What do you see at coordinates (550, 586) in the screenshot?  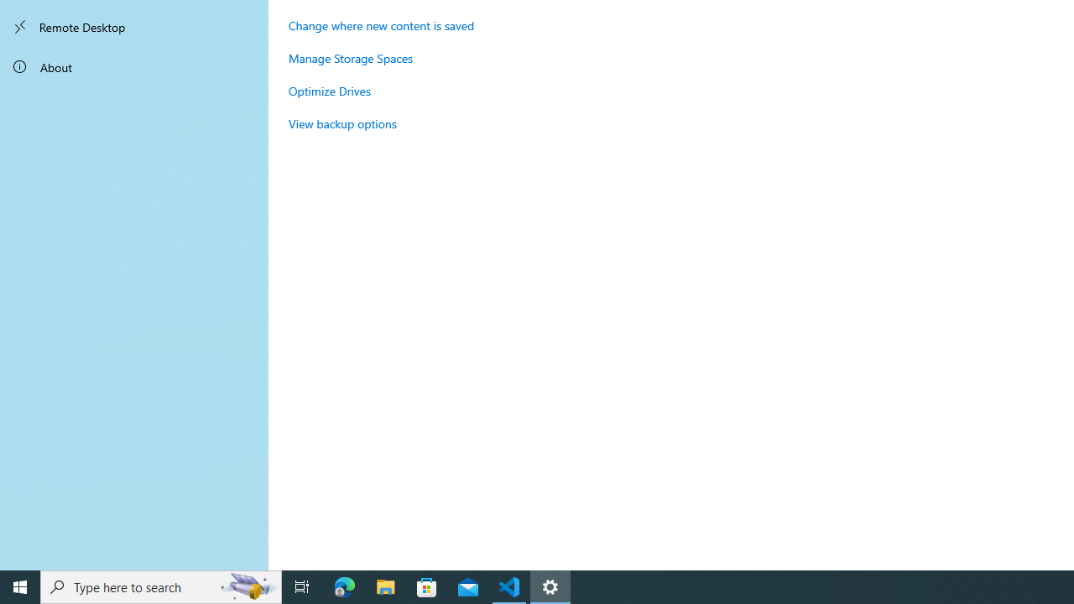 I see `'Settings - 1 running window'` at bounding box center [550, 586].